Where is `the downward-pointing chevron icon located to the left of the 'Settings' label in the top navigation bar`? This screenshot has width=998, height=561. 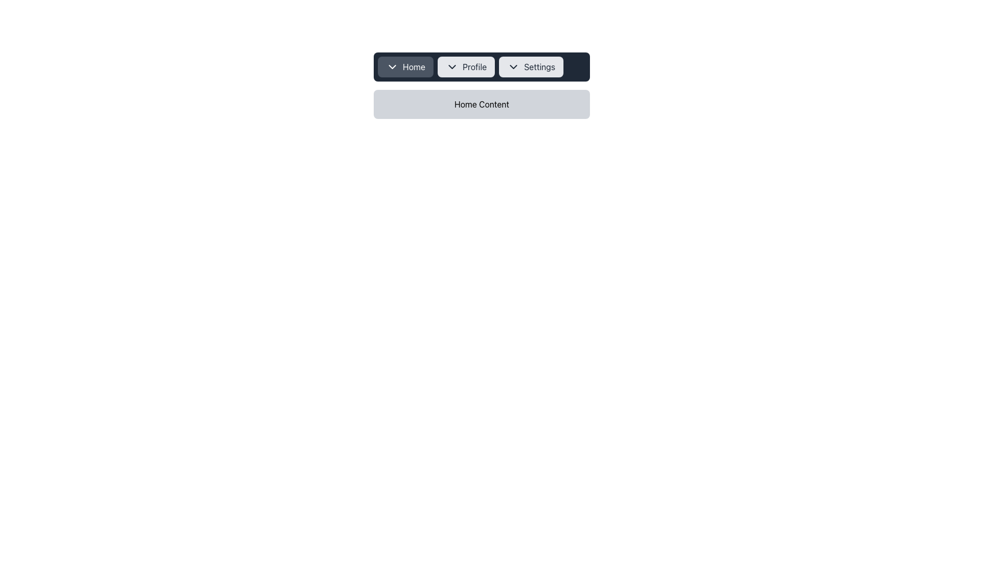 the downward-pointing chevron icon located to the left of the 'Settings' label in the top navigation bar is located at coordinates (514, 66).